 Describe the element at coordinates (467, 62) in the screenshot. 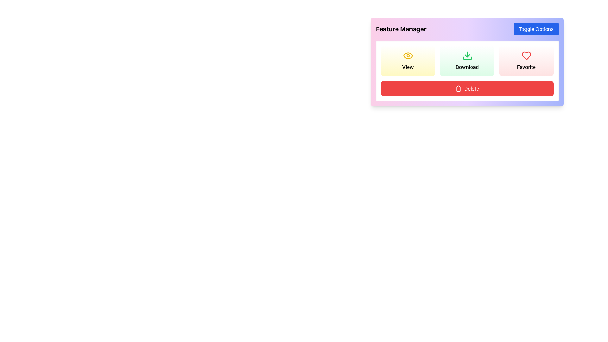

I see `the 'Download' button, which has a green gradient background and a downward arrow icon above the text, located below the 'Feature Manager' title` at that location.